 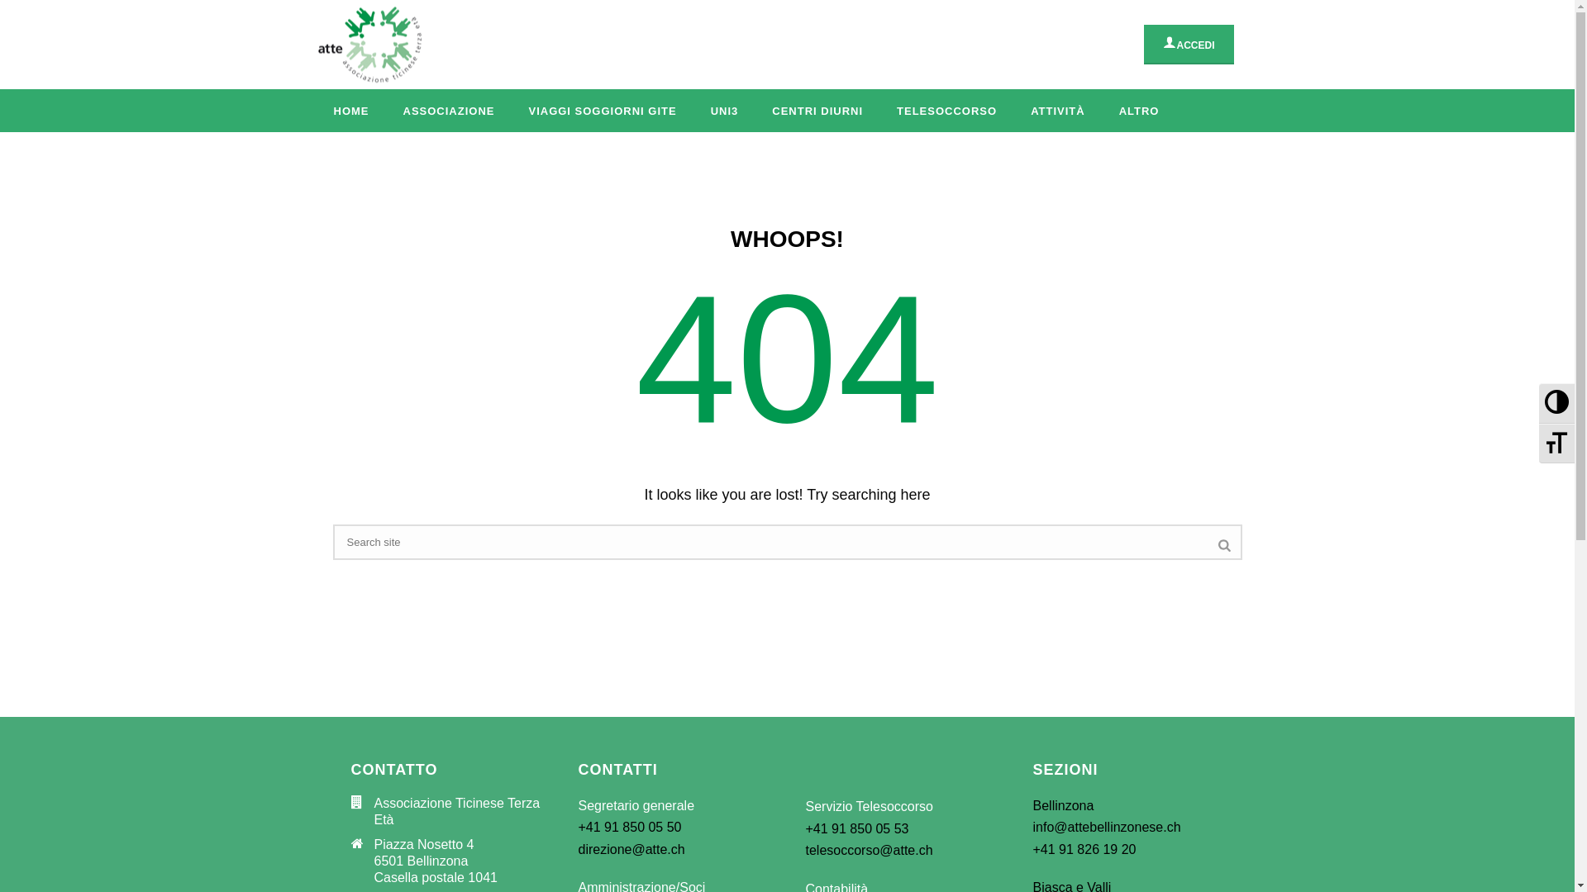 I want to click on 'VIAGGI SOGGIORNI GITE', so click(x=601, y=111).